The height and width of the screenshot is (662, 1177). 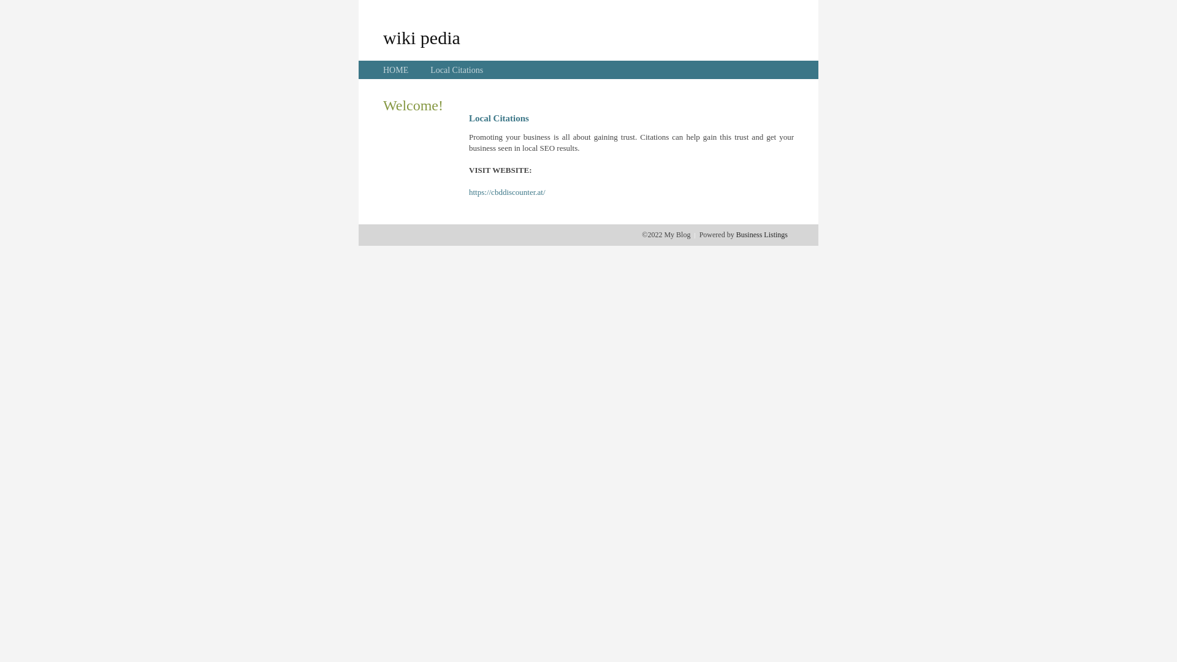 What do you see at coordinates (421, 37) in the screenshot?
I see `'wiki pedia'` at bounding box center [421, 37].